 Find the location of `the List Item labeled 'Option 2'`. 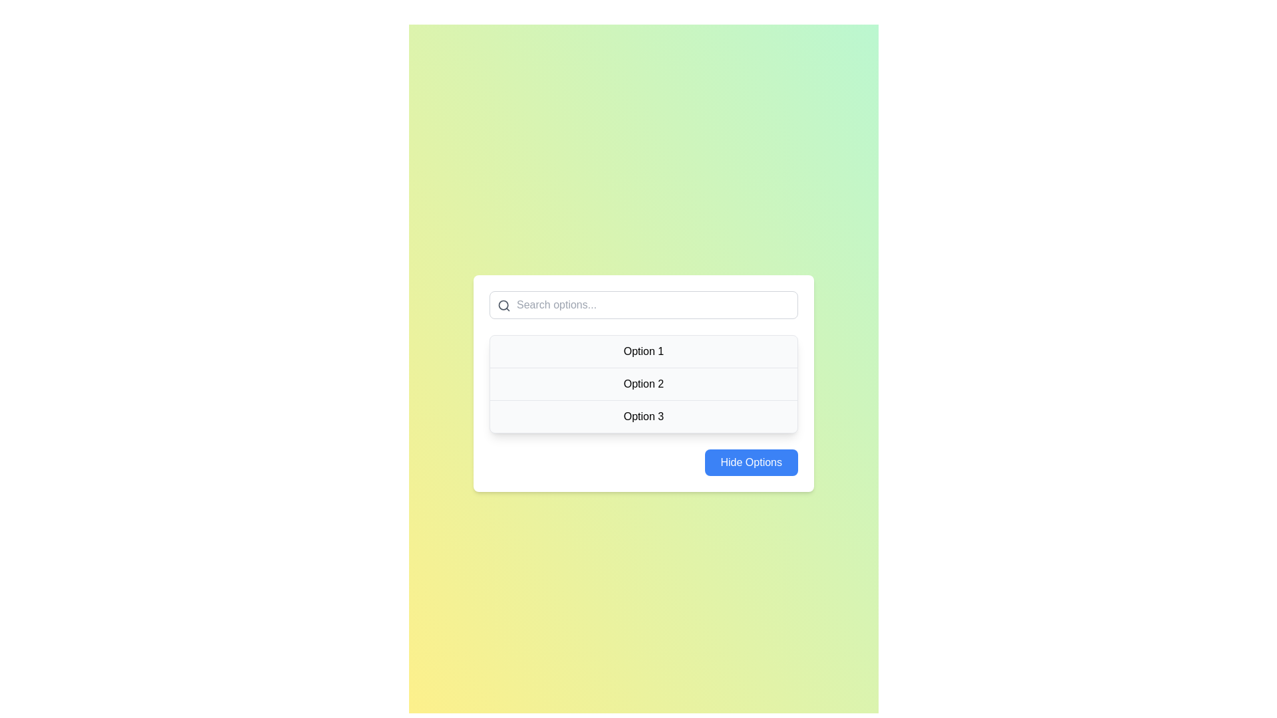

the List Item labeled 'Option 2' is located at coordinates (644, 384).